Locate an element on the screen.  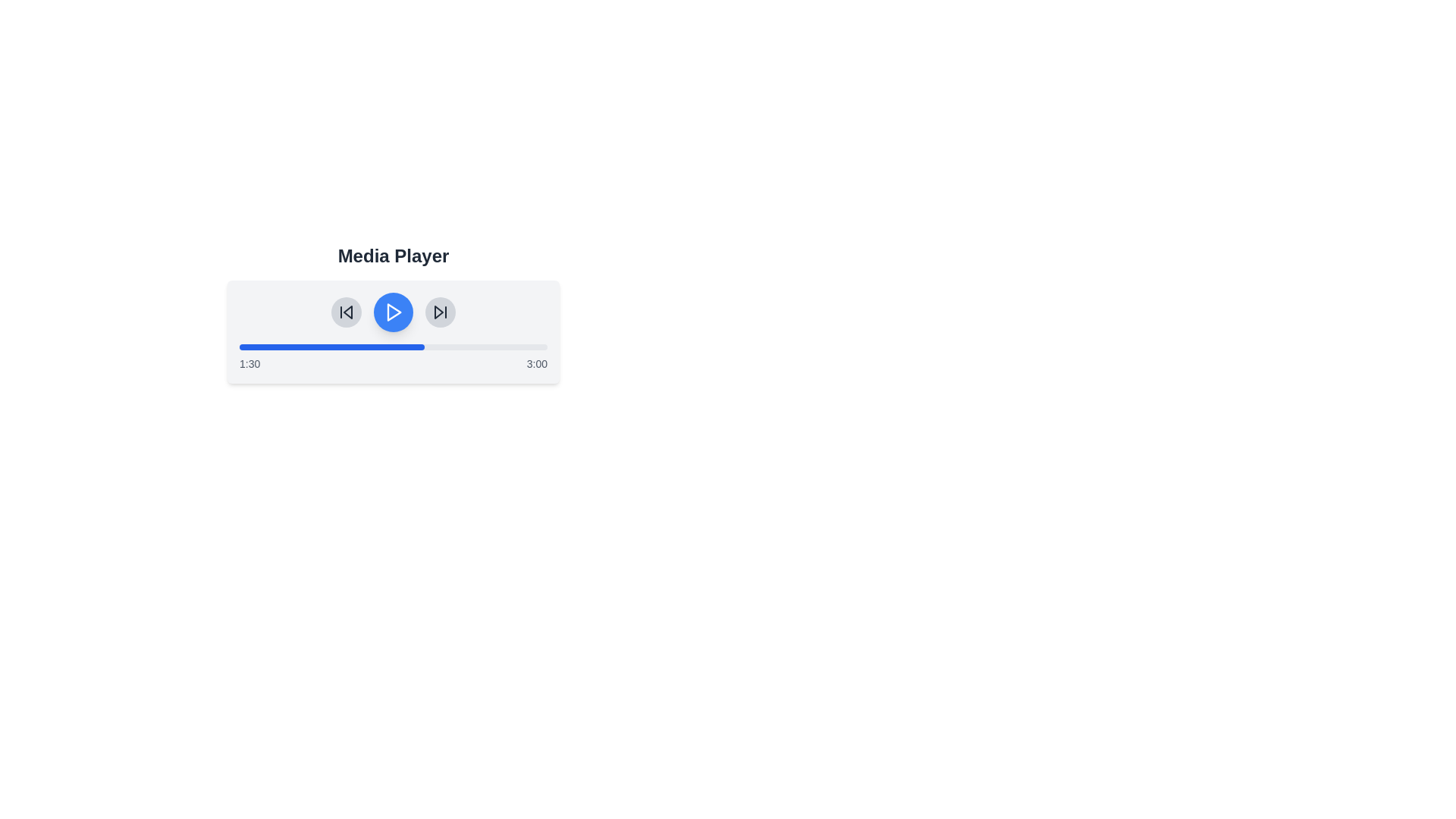
the skip-forward button, which is represented by an arrow pointing to the right with a vertical bar, located in the media control section of the media player interface is located at coordinates (439, 312).